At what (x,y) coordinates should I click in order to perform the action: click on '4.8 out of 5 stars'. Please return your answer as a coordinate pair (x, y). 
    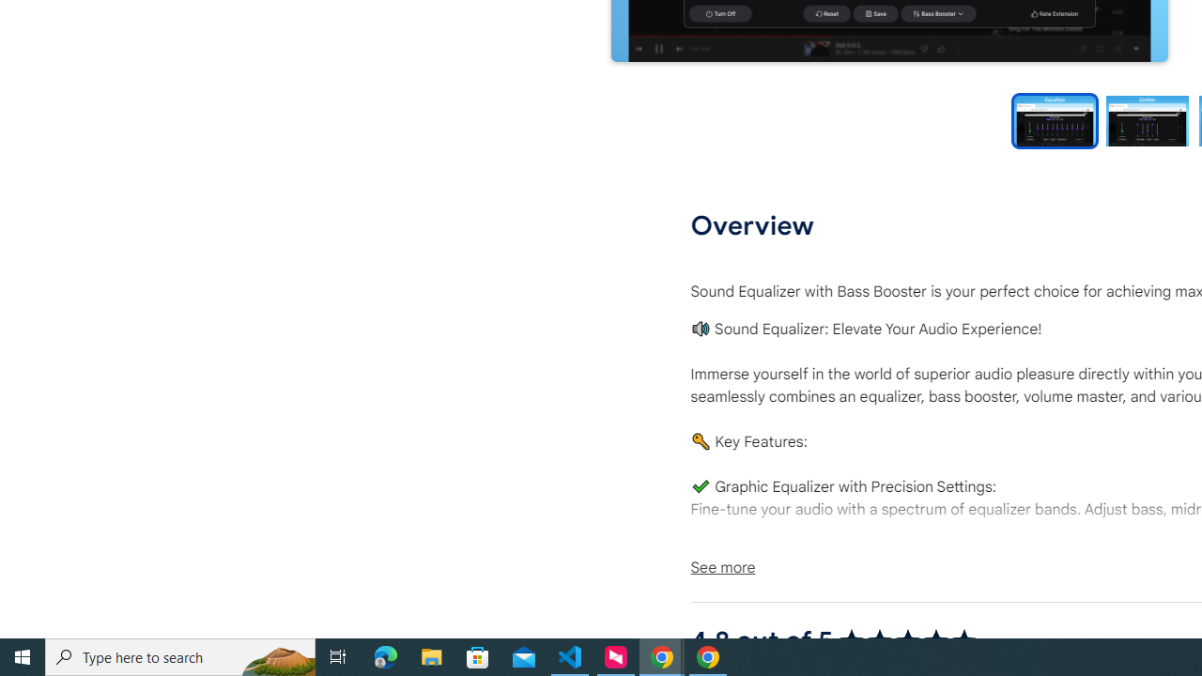
    Looking at the image, I should click on (907, 639).